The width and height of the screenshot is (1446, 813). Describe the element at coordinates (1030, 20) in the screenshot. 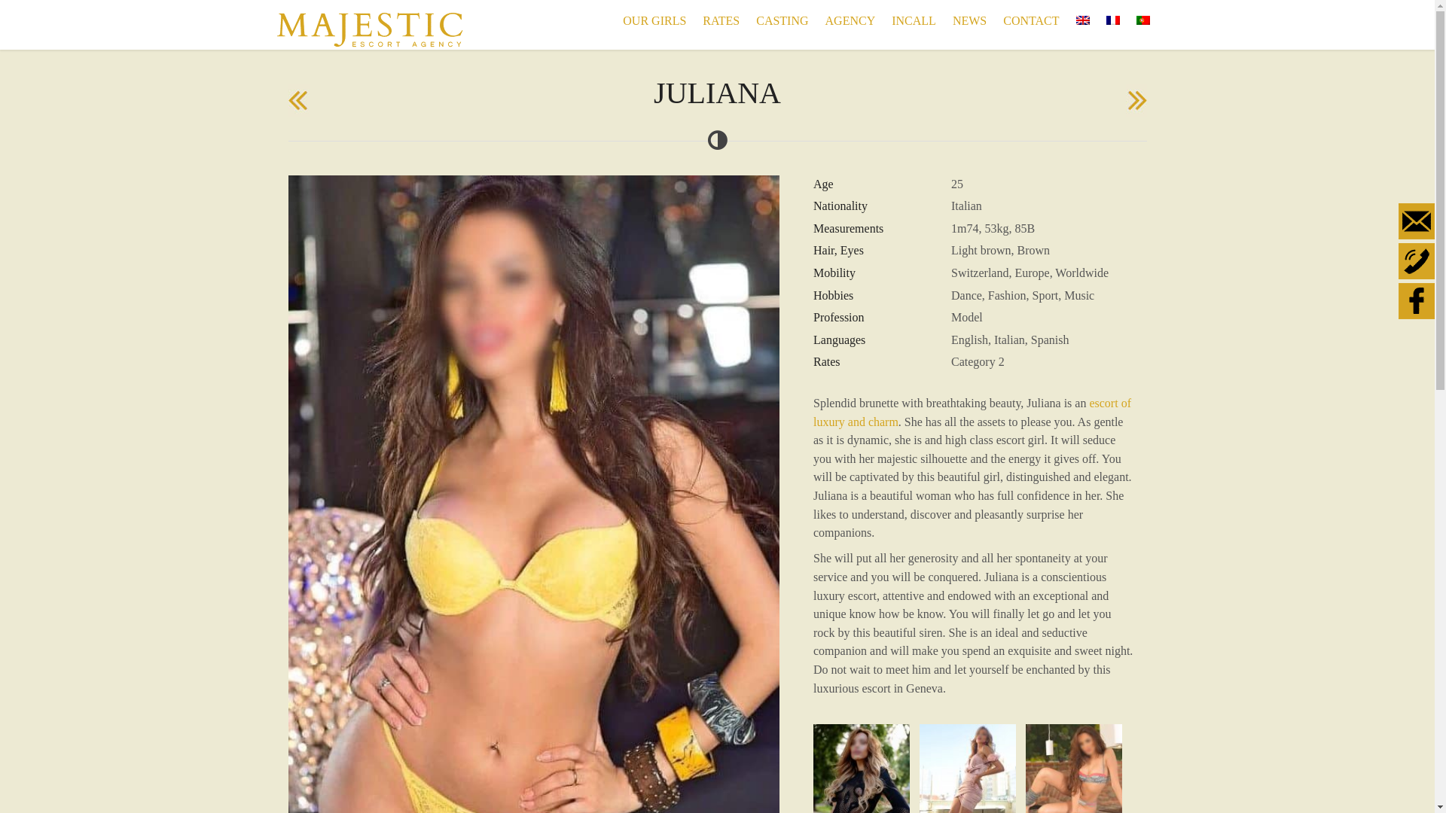

I see `'CONTACT'` at that location.